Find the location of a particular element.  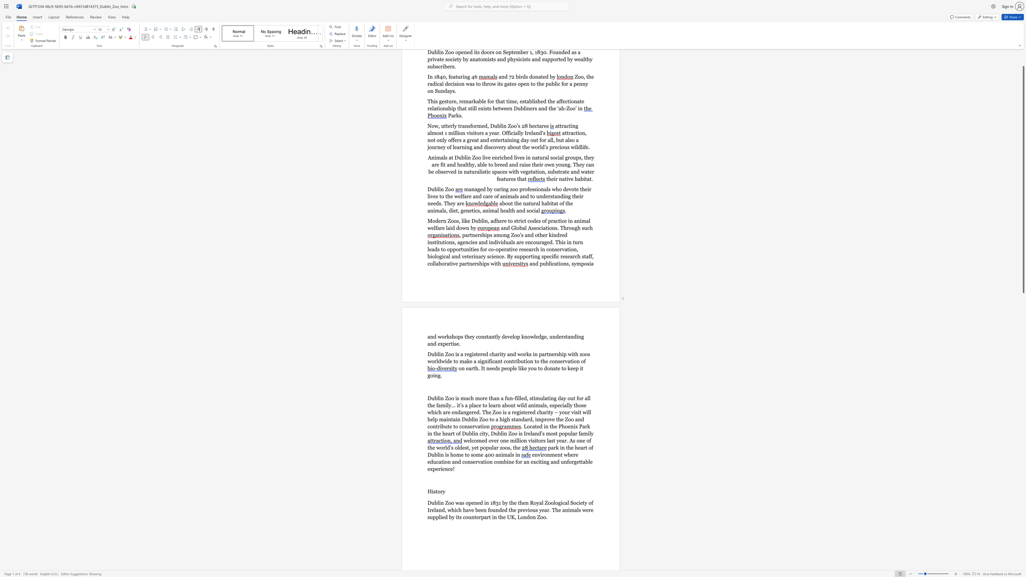

the subset text "cious wildlif" within the text "a great and entertaining day out for all, but also a journey of learning and discovery about the world’s precious wildlife" is located at coordinates (557, 147).